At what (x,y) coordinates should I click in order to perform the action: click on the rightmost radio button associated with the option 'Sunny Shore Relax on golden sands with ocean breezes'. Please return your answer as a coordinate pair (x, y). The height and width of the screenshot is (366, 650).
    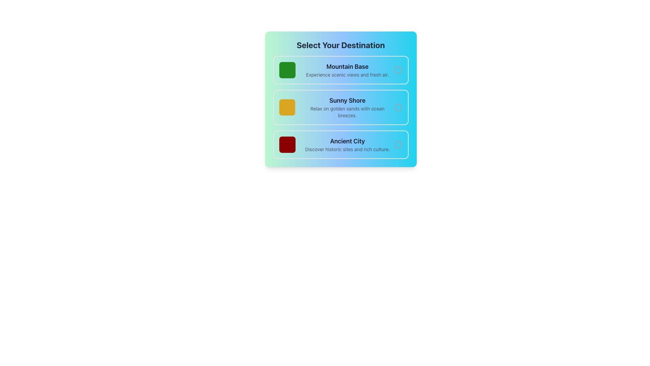
    Looking at the image, I should click on (398, 107).